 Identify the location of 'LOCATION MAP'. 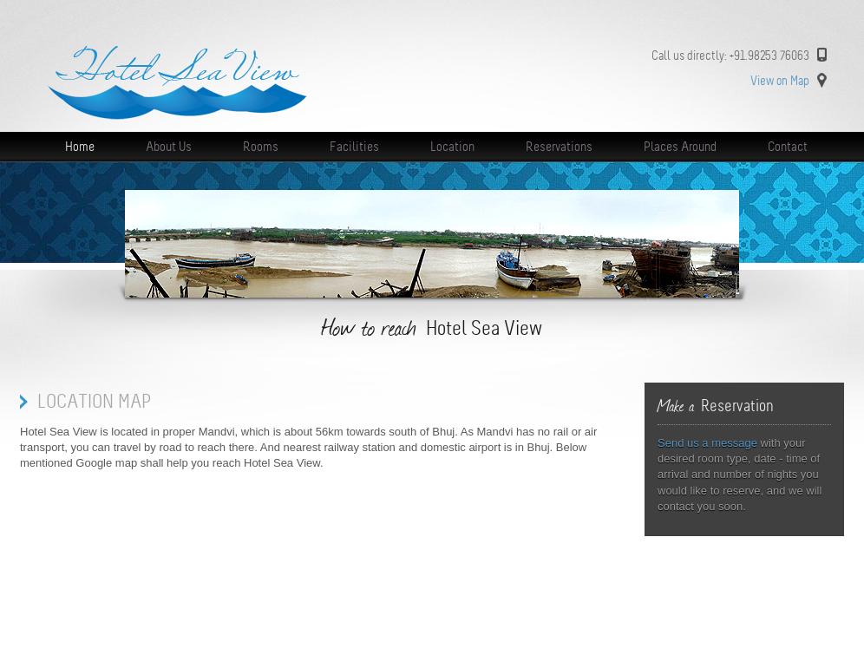
(94, 400).